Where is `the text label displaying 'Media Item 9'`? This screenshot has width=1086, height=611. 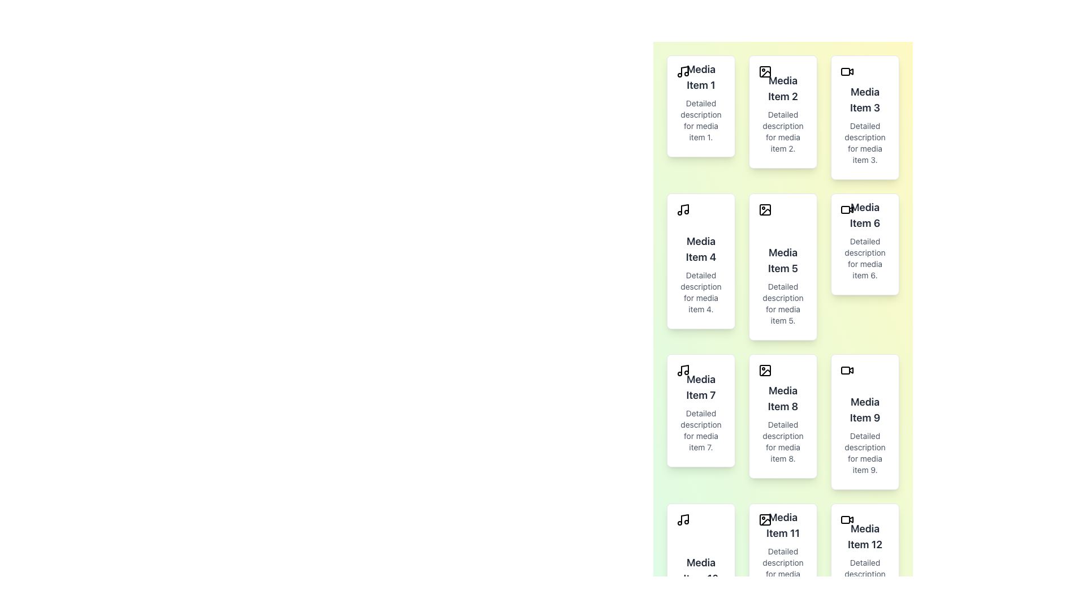 the text label displaying 'Media Item 9' is located at coordinates (864, 410).